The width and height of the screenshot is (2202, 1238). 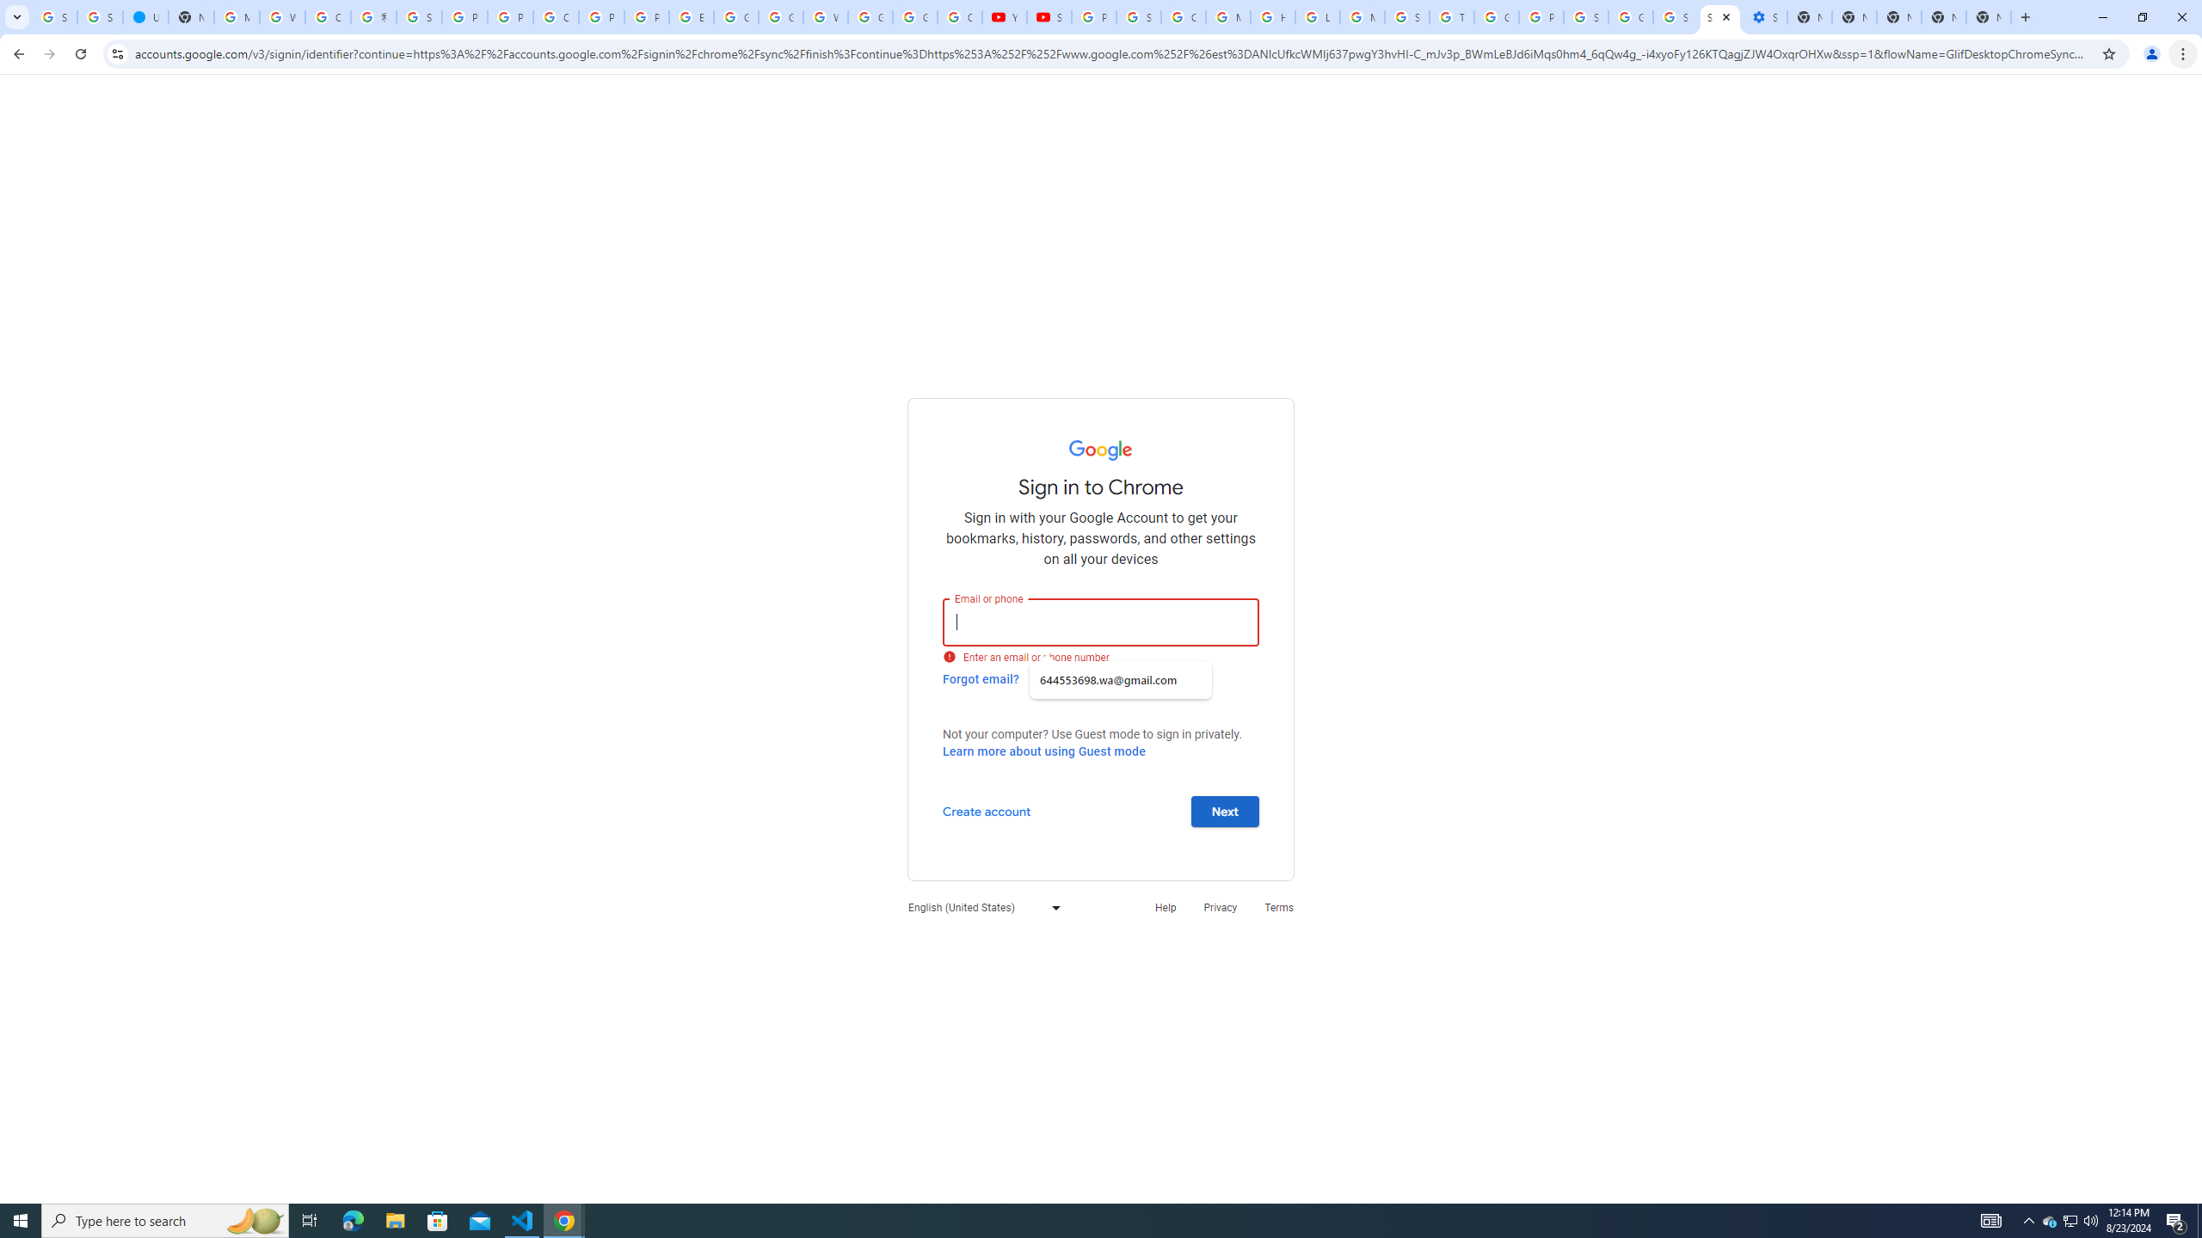 What do you see at coordinates (1101, 622) in the screenshot?
I see `'Email or phone'` at bounding box center [1101, 622].